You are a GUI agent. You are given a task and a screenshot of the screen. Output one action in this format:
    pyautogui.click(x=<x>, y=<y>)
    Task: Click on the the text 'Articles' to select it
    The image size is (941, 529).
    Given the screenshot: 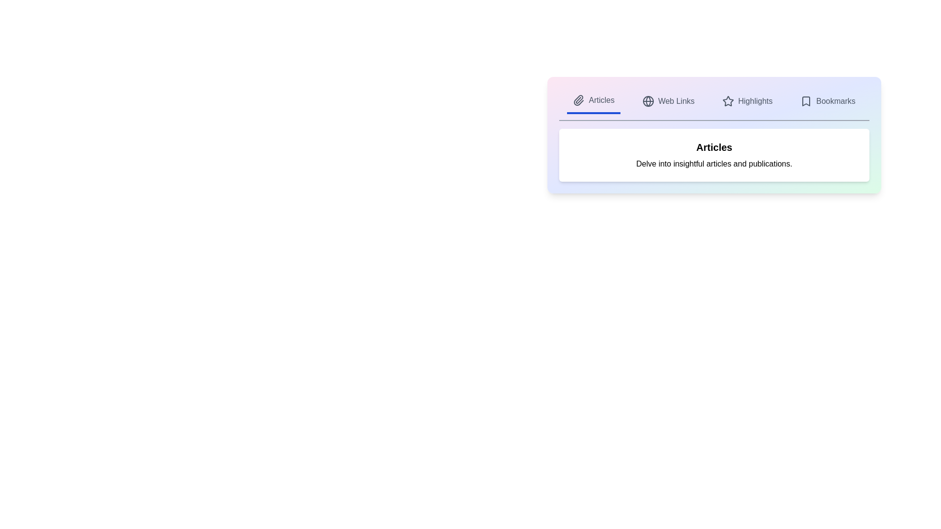 What is the action you would take?
    pyautogui.click(x=601, y=100)
    